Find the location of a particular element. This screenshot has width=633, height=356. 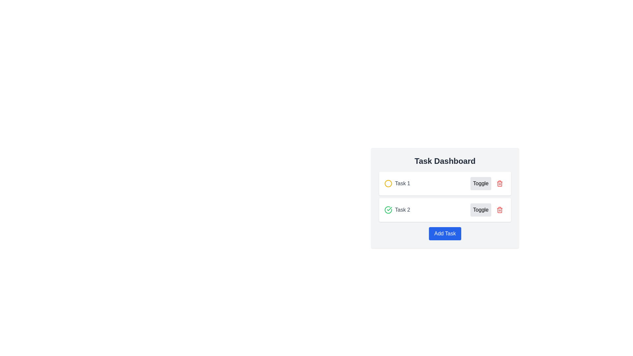

the red trash icon button located adjacent to the 'Toggle' button in the second row of the task list is located at coordinates (500, 210).